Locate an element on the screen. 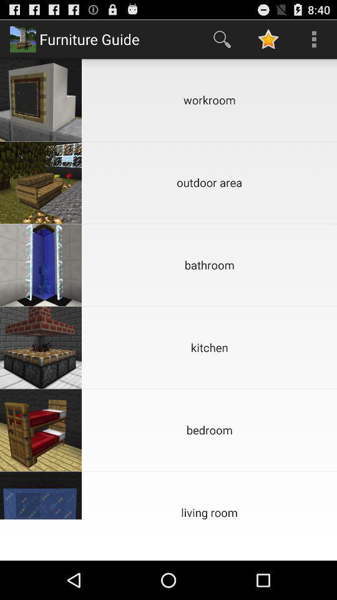  the living room app is located at coordinates (209, 495).